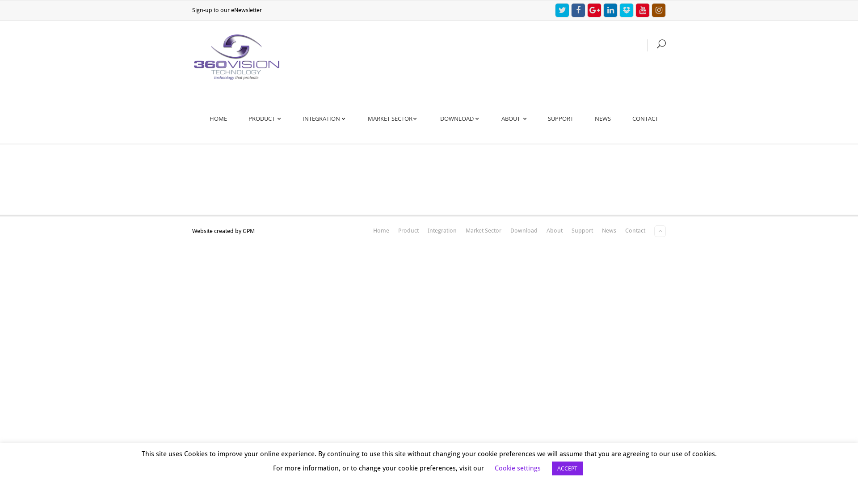 This screenshot has height=483, width=858. I want to click on 'Integration', so click(427, 230).